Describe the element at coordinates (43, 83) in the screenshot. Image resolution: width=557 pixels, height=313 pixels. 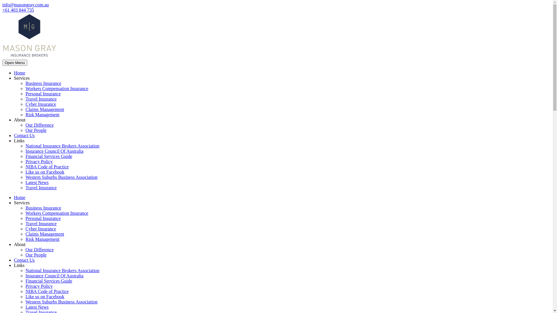
I see `'Business Insurance'` at that location.